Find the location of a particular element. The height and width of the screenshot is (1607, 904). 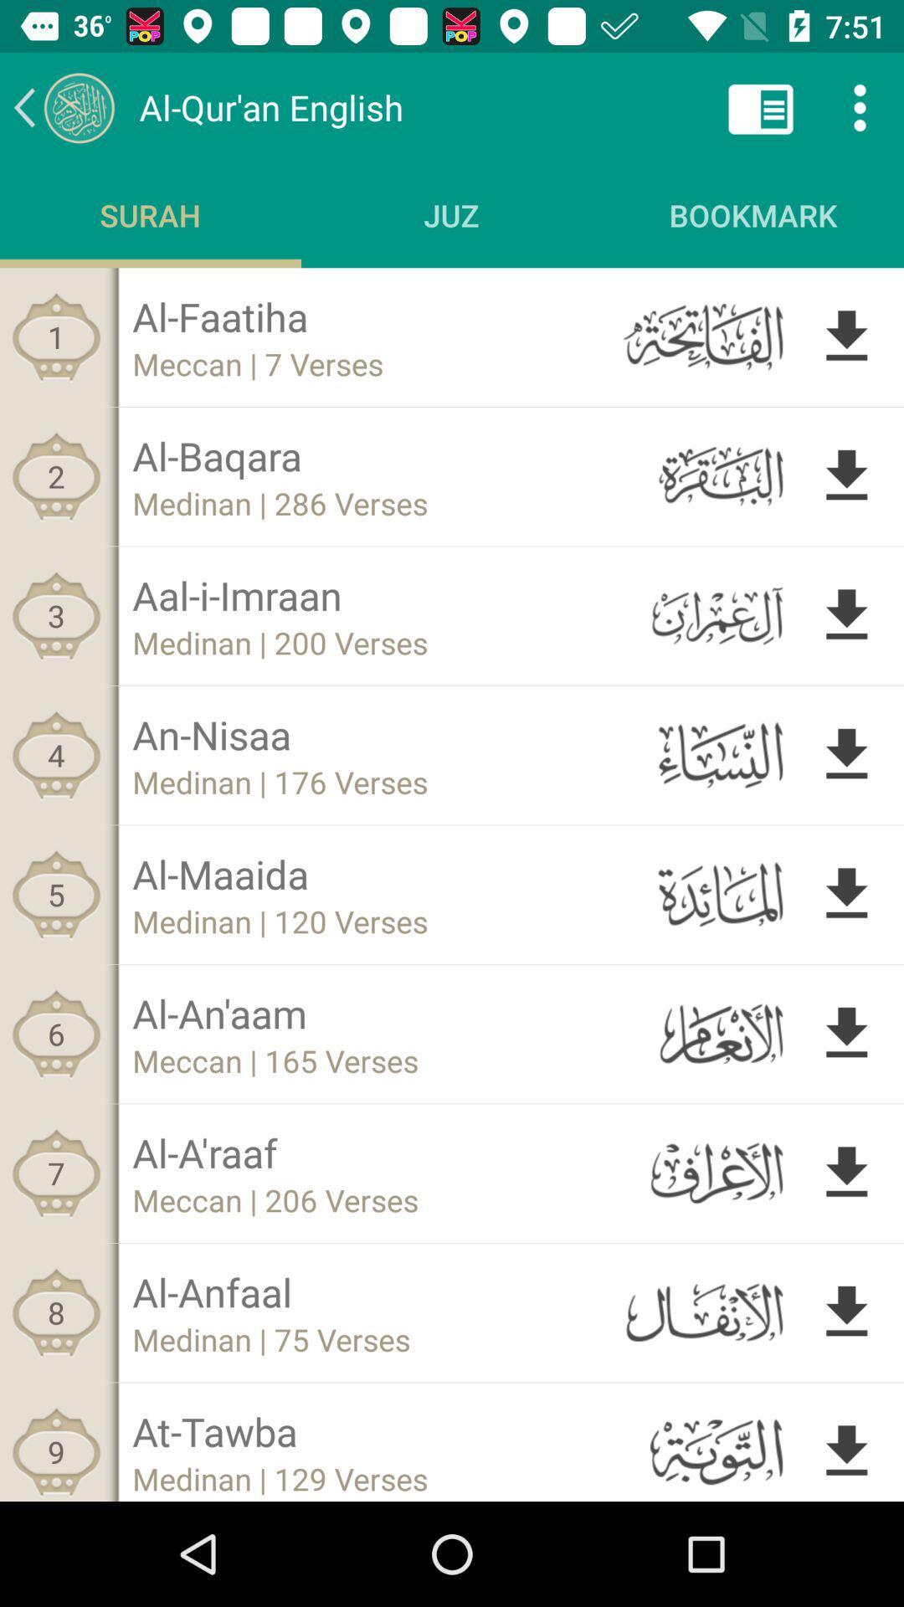

download is located at coordinates (846, 1312).